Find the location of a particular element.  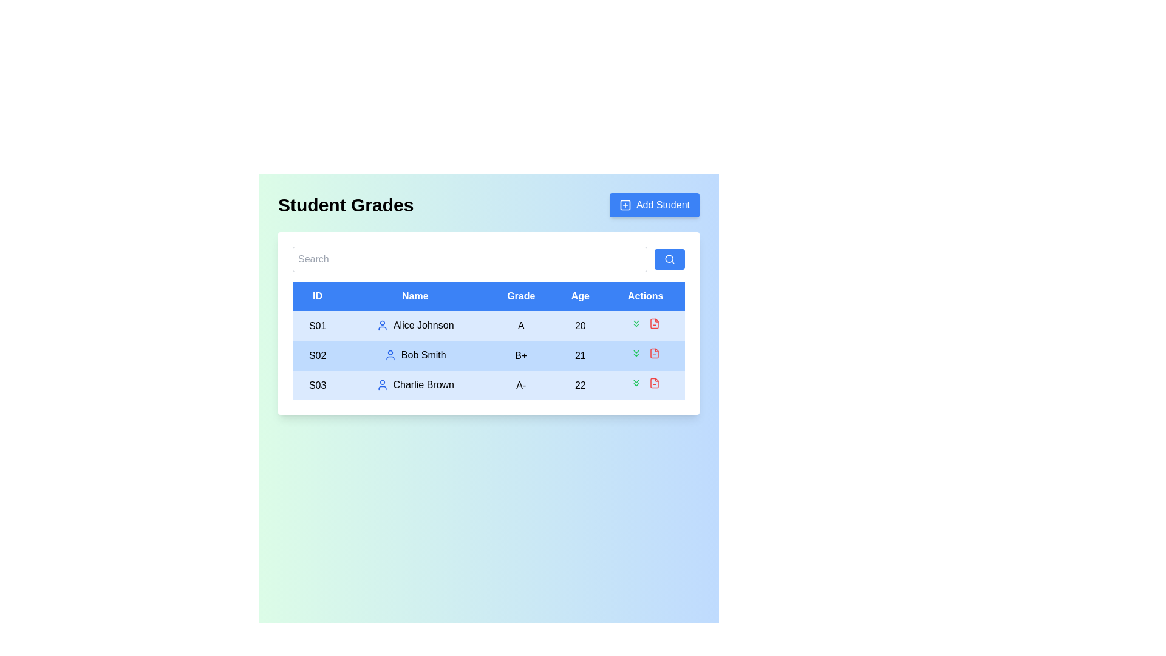

the details of the element displaying 'Alice Johnson' in black text with a blue user icon, located in the 'Name' column of the first row of the table is located at coordinates (415, 325).